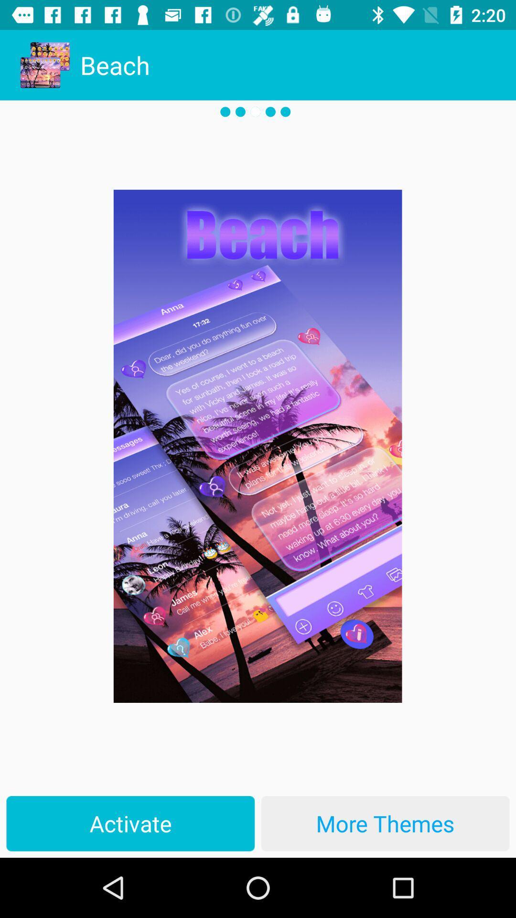 This screenshot has height=918, width=516. Describe the element at coordinates (130, 823) in the screenshot. I see `icon at the bottom left corner` at that location.